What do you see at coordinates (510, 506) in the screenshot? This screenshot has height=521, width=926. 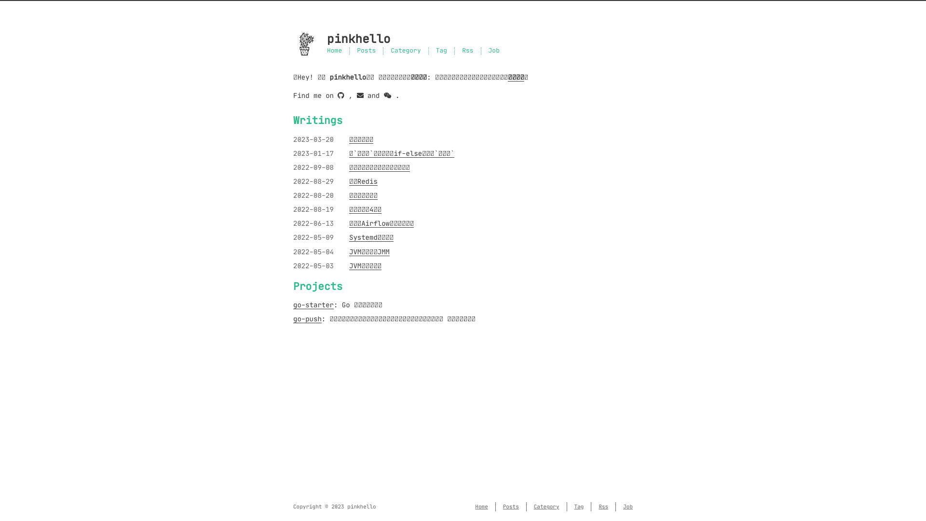 I see `'Posts'` at bounding box center [510, 506].